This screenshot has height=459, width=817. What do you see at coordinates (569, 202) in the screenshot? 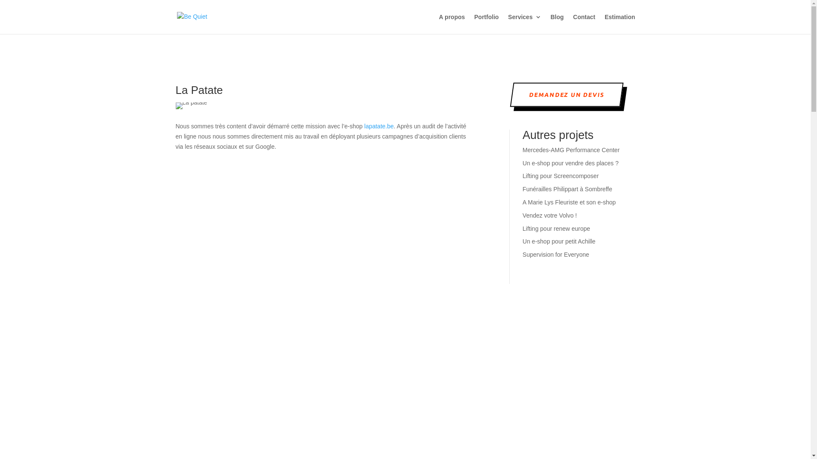
I see `'A Marie Lys Fleuriste et son e-shop'` at bounding box center [569, 202].